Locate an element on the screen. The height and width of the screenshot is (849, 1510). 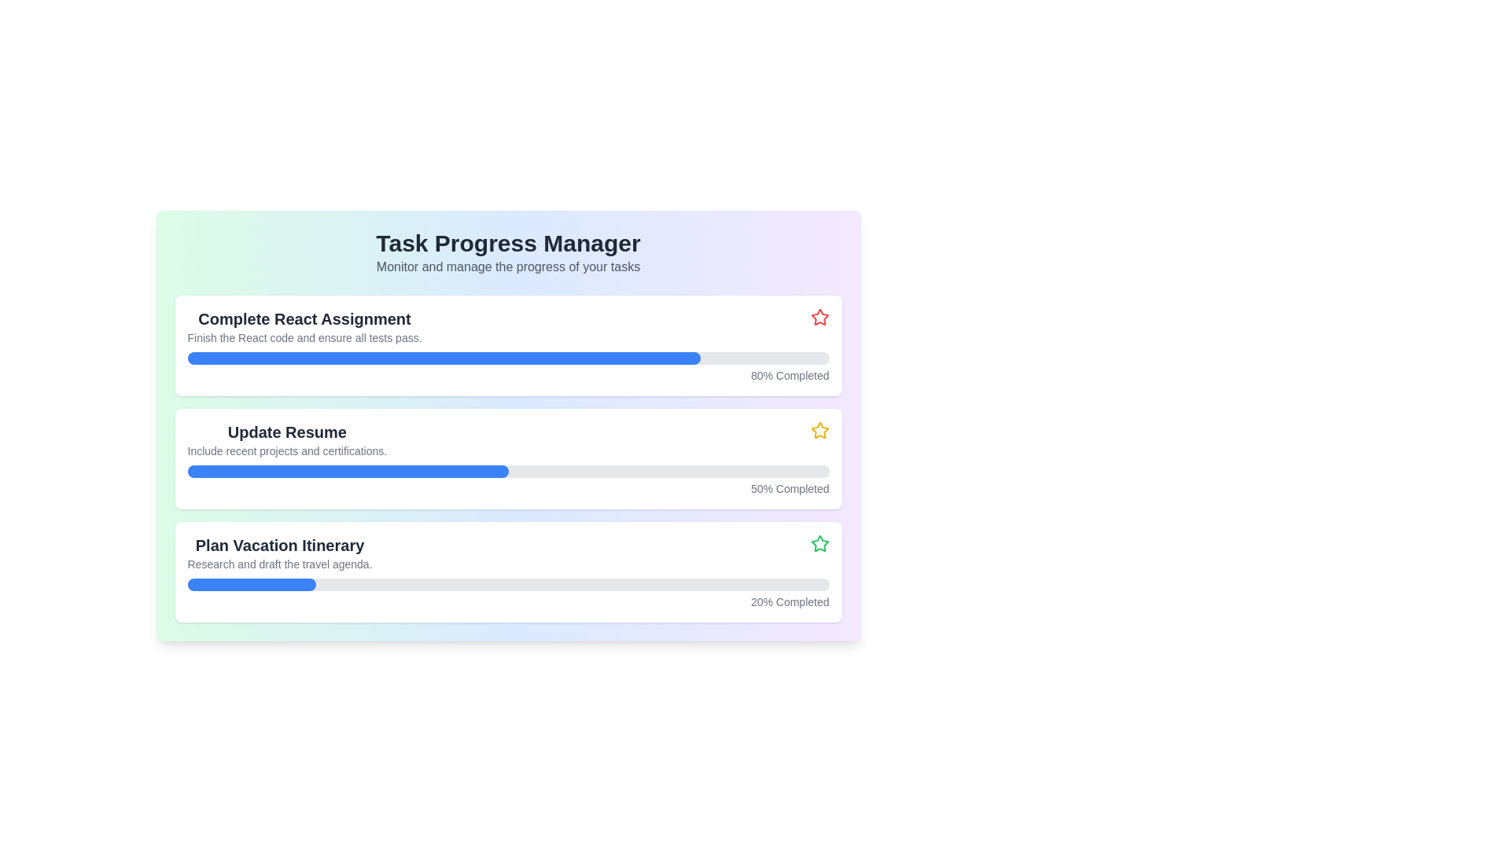
the text of the first to-do item located beneath the 'Task Progress Manager' heading for copying is located at coordinates (304, 326).